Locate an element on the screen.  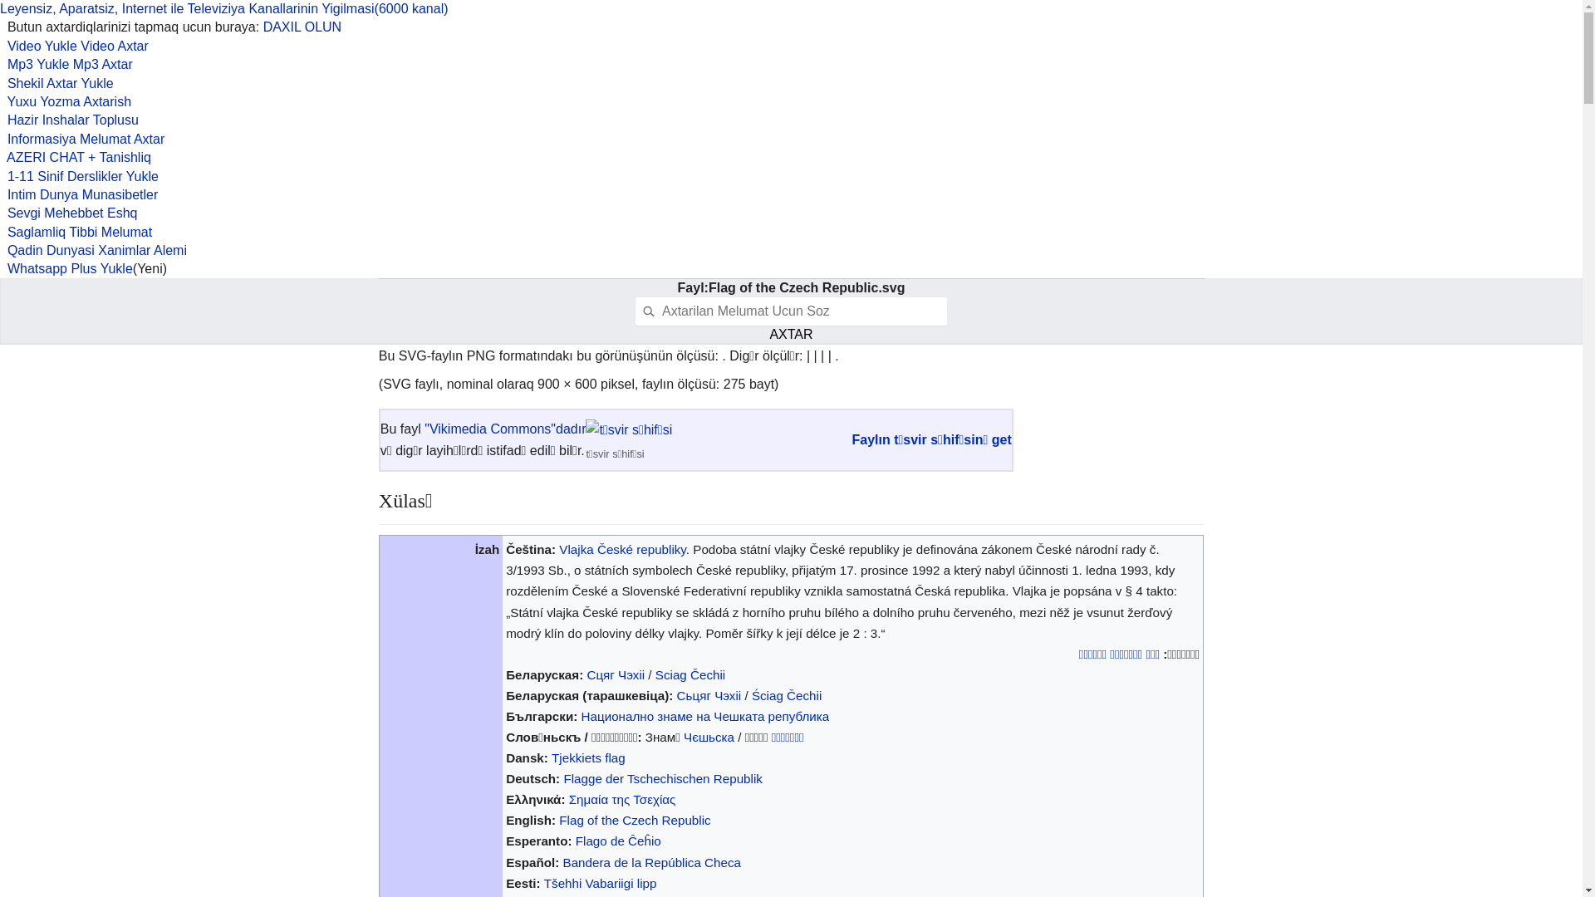
'  Sevgi Mehebbet Eshq' is located at coordinates (0, 212).